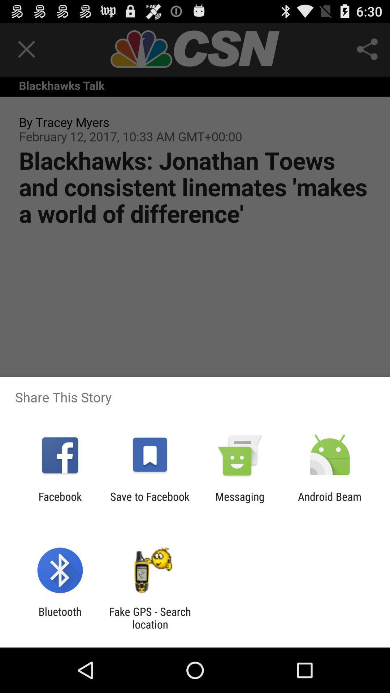  Describe the element at coordinates (149, 502) in the screenshot. I see `the icon next to the messaging icon` at that location.